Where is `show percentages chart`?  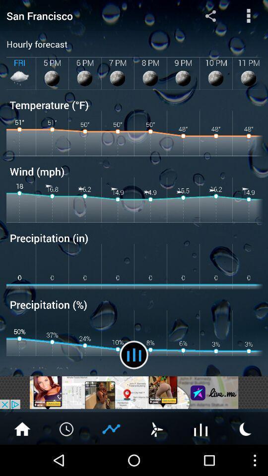 show percentages chart is located at coordinates (111, 428).